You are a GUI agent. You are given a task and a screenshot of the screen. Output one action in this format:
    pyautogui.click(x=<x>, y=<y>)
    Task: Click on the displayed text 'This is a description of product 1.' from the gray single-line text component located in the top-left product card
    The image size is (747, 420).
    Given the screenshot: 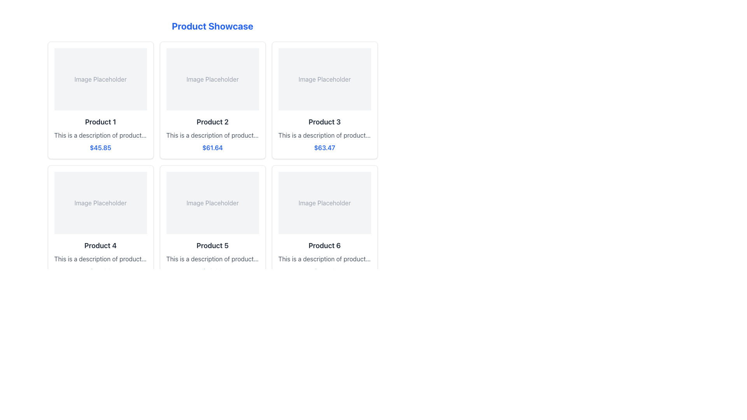 What is the action you would take?
    pyautogui.click(x=100, y=135)
    